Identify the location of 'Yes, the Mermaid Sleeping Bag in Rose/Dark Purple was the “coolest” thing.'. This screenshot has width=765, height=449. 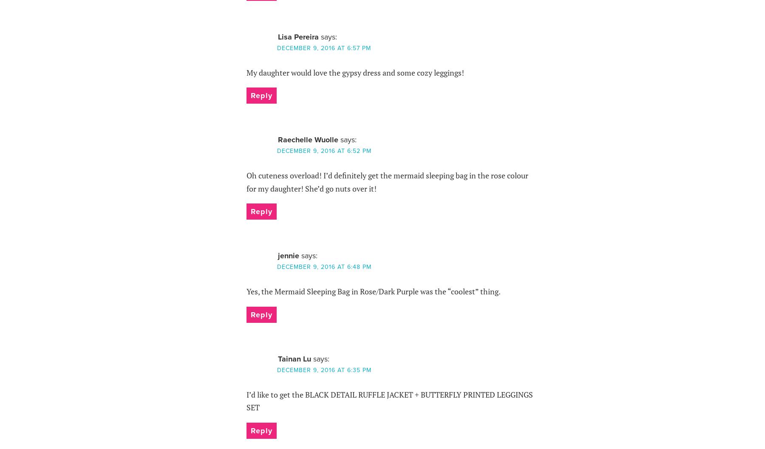
(373, 291).